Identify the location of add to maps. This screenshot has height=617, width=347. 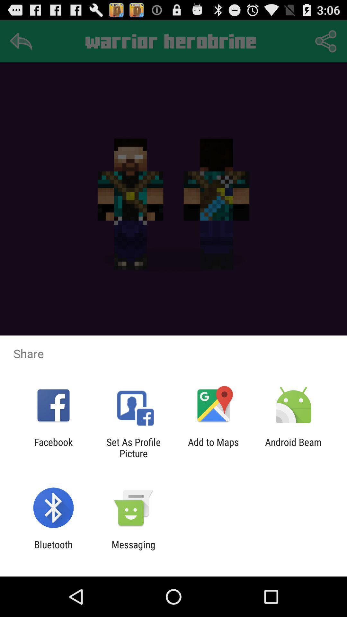
(213, 447).